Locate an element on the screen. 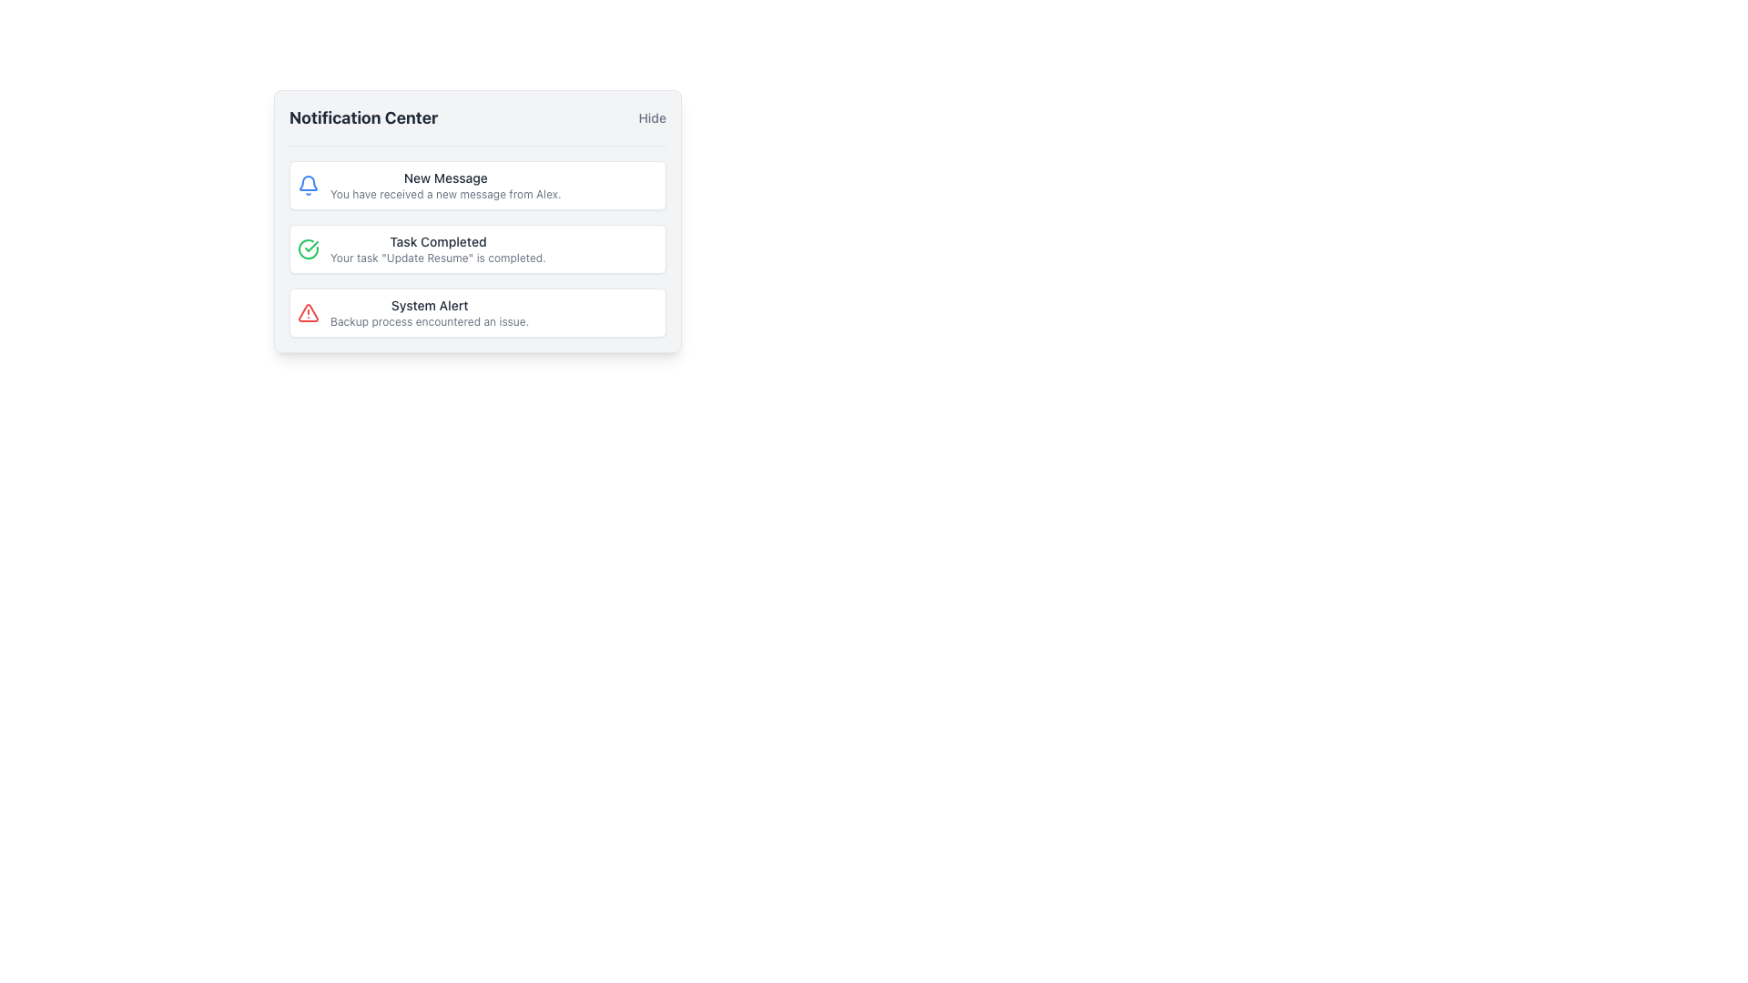  the green checkmark icon in the second notification box of the notification center, which indicates task completion and is adjacent to the text 'Task Completed' is located at coordinates (311, 246).